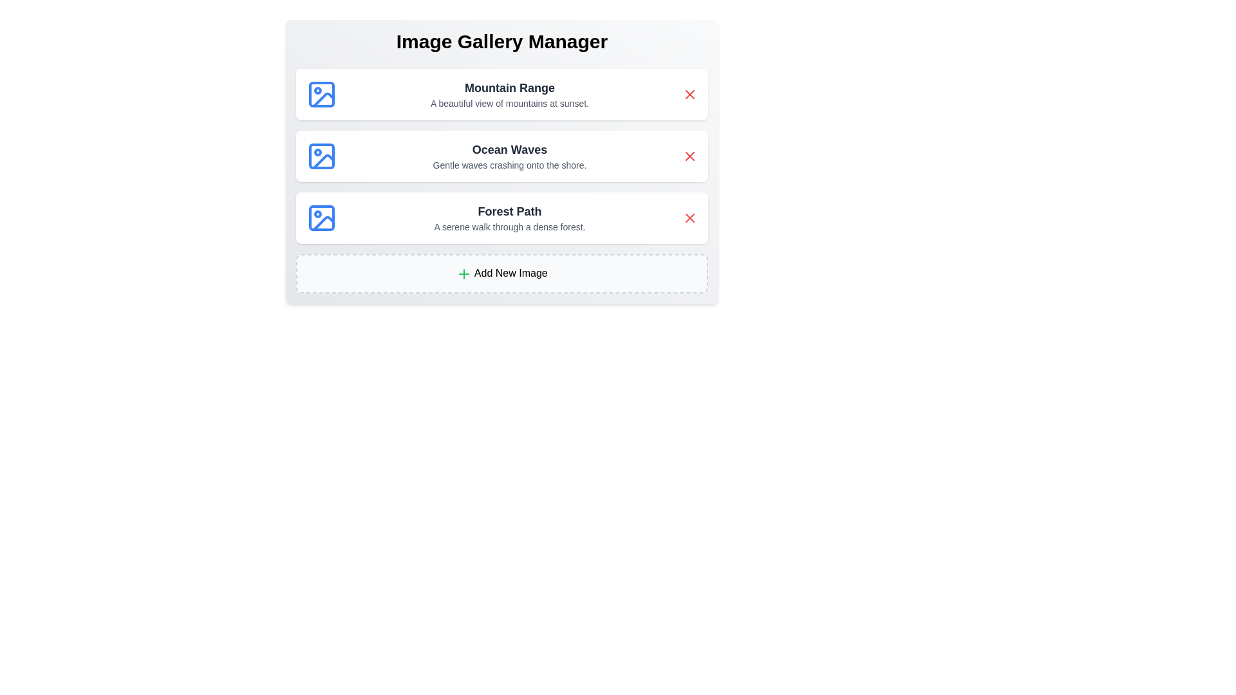 The height and width of the screenshot is (695, 1236). What do you see at coordinates (501, 272) in the screenshot?
I see `the 'Add New Image' button to initiate the process of adding a new image to the gallery` at bounding box center [501, 272].